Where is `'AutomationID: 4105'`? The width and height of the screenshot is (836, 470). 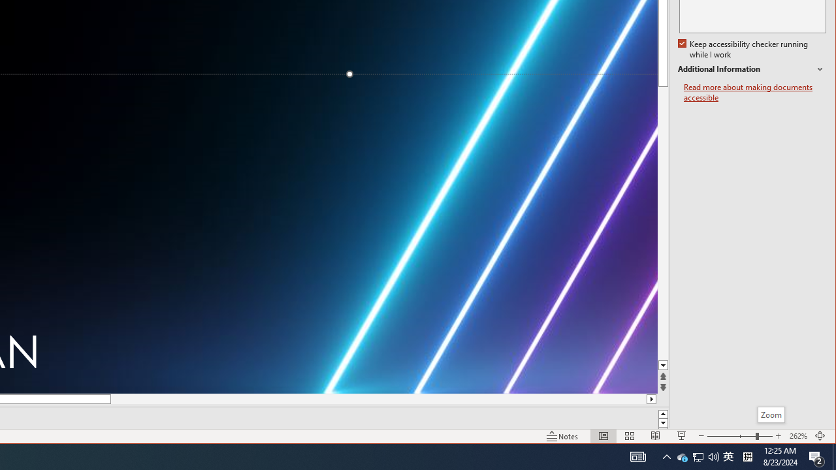 'AutomationID: 4105' is located at coordinates (638, 456).